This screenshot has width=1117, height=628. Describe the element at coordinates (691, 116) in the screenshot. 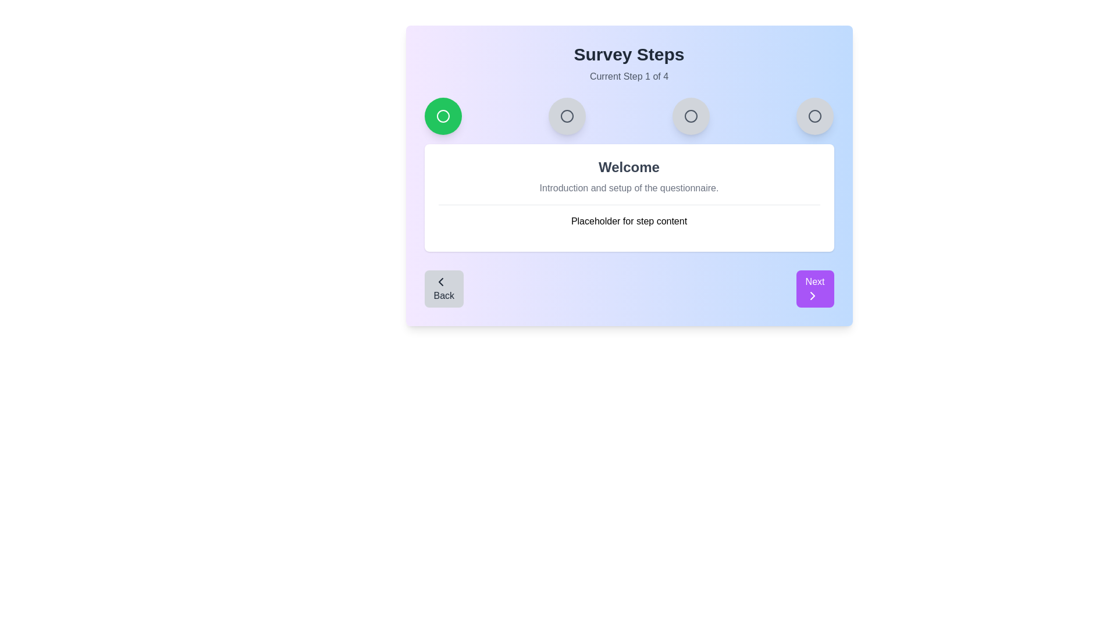

I see `the third Circle icon in the horizontal sequence located near the top center of the interface` at that location.